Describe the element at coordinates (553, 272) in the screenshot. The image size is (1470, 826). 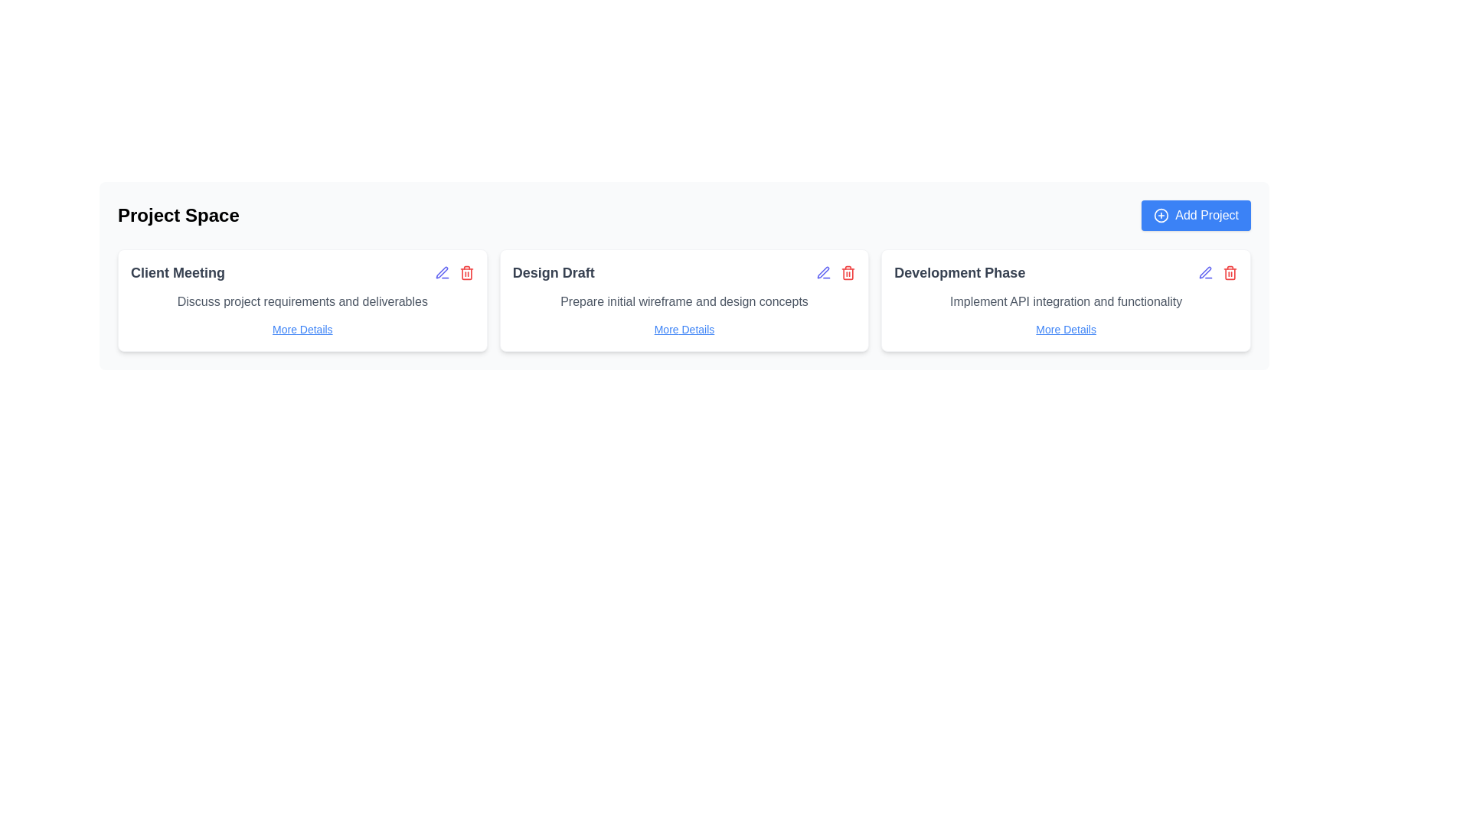
I see `text content of the label located at the top center of the second card in a horizontal list of three cards` at that location.